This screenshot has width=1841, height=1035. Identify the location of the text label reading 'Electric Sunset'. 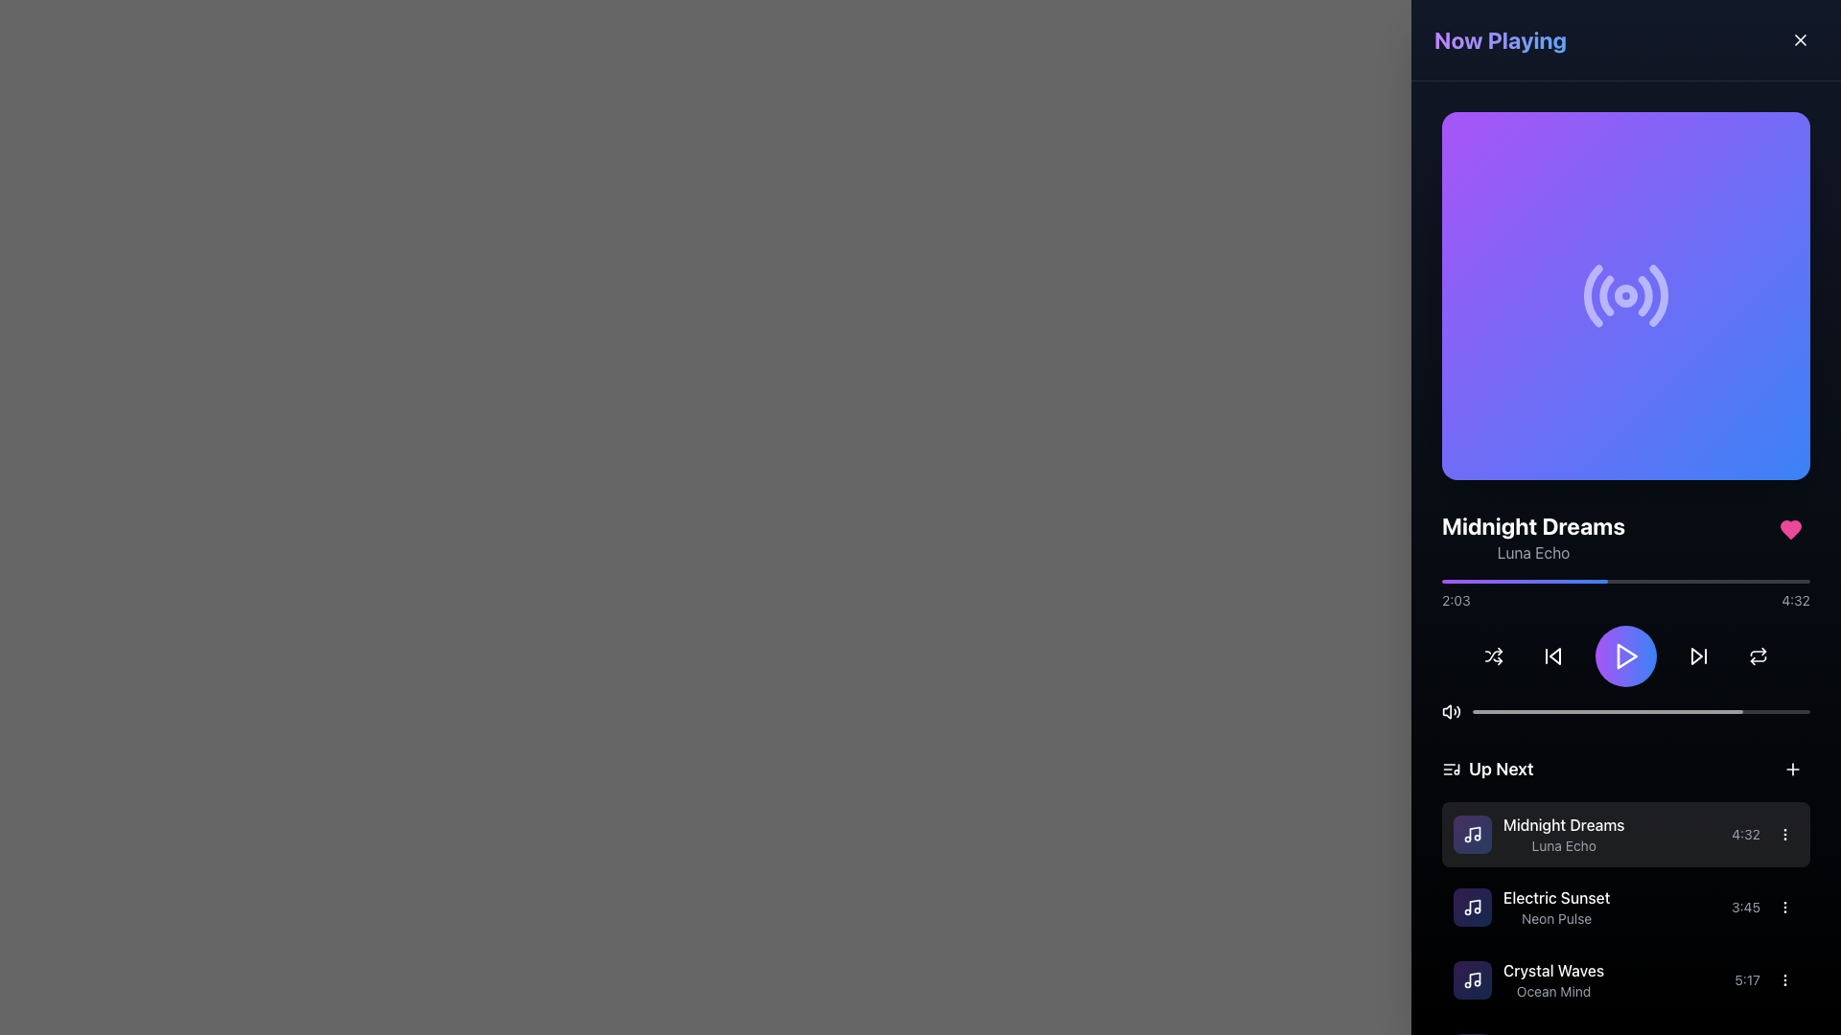
(1556, 898).